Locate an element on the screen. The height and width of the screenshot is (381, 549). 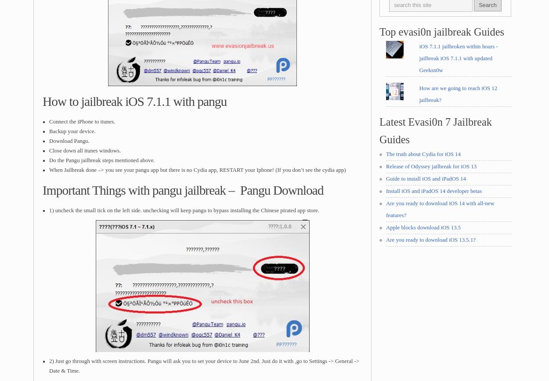
'Are you ready to download iOS 14 with all-new features?' is located at coordinates (386, 208).